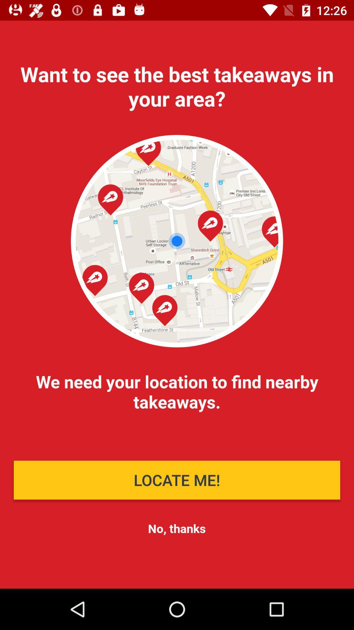 The width and height of the screenshot is (354, 630). I want to click on the icon below the locate me! icon, so click(176, 528).